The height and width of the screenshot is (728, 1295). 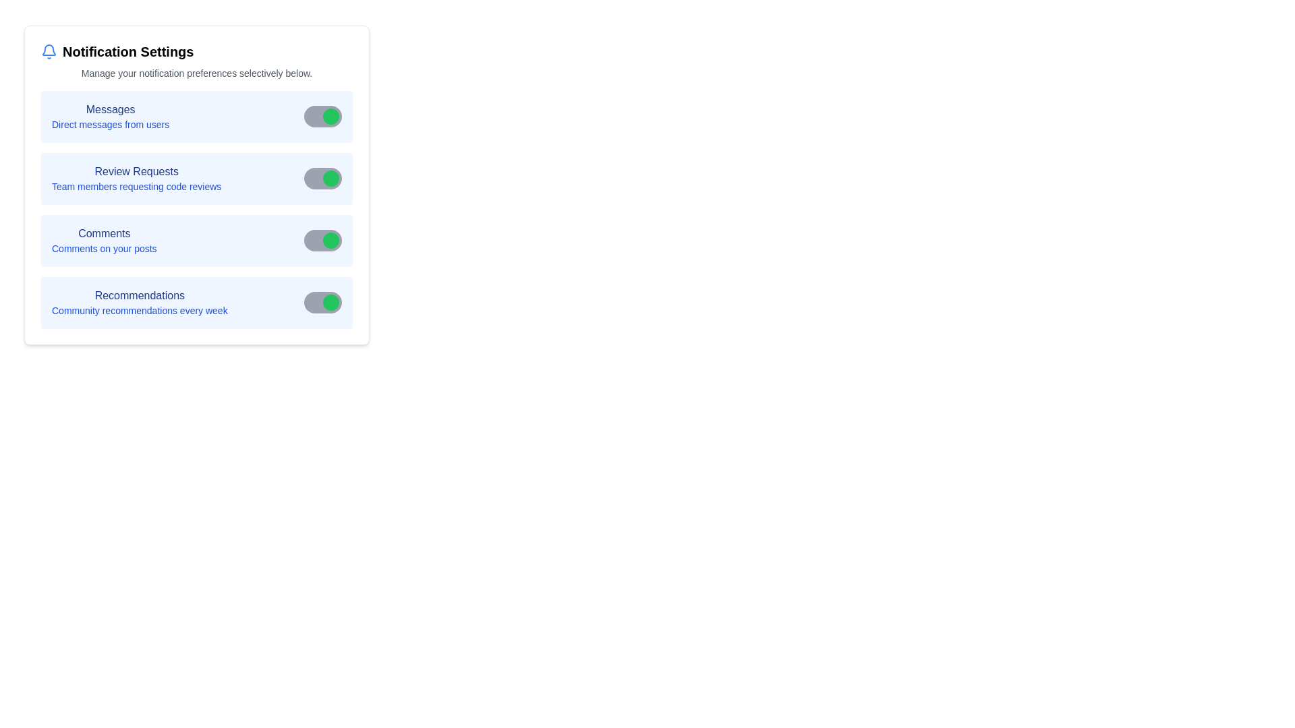 I want to click on the 'Comments' text label in blue, which is located in the third row of options within the 'Notification Settings' card, directly above 'Comments on your posts', so click(x=103, y=233).